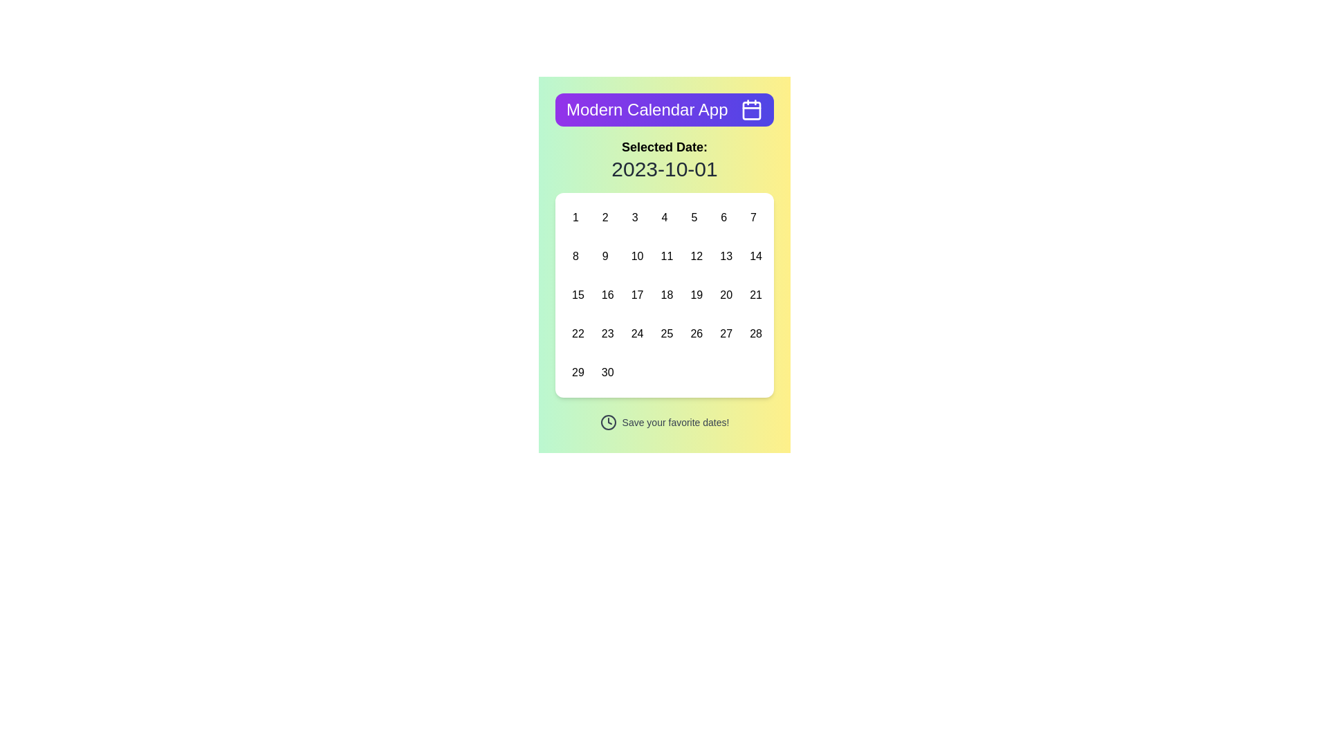 Image resolution: width=1328 pixels, height=747 pixels. What do you see at coordinates (694, 295) in the screenshot?
I see `the clickable calendar day representation for the 19th day of the month` at bounding box center [694, 295].